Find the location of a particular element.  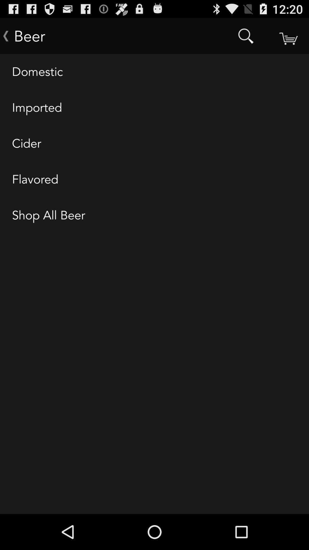

flavored icon is located at coordinates (154, 179).